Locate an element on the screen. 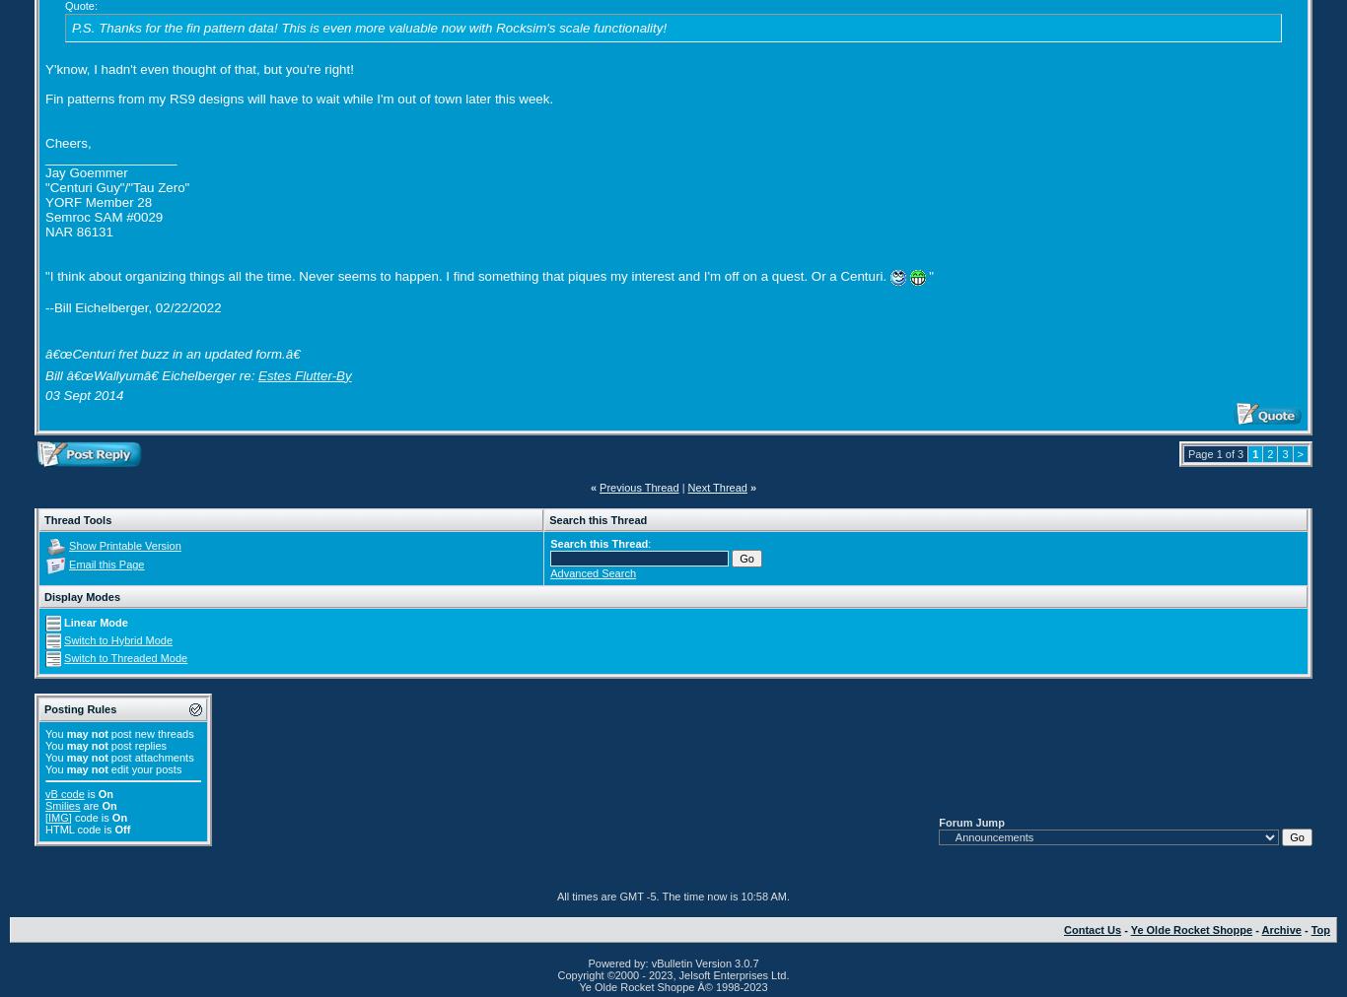  'post new threads' is located at coordinates (107, 733).